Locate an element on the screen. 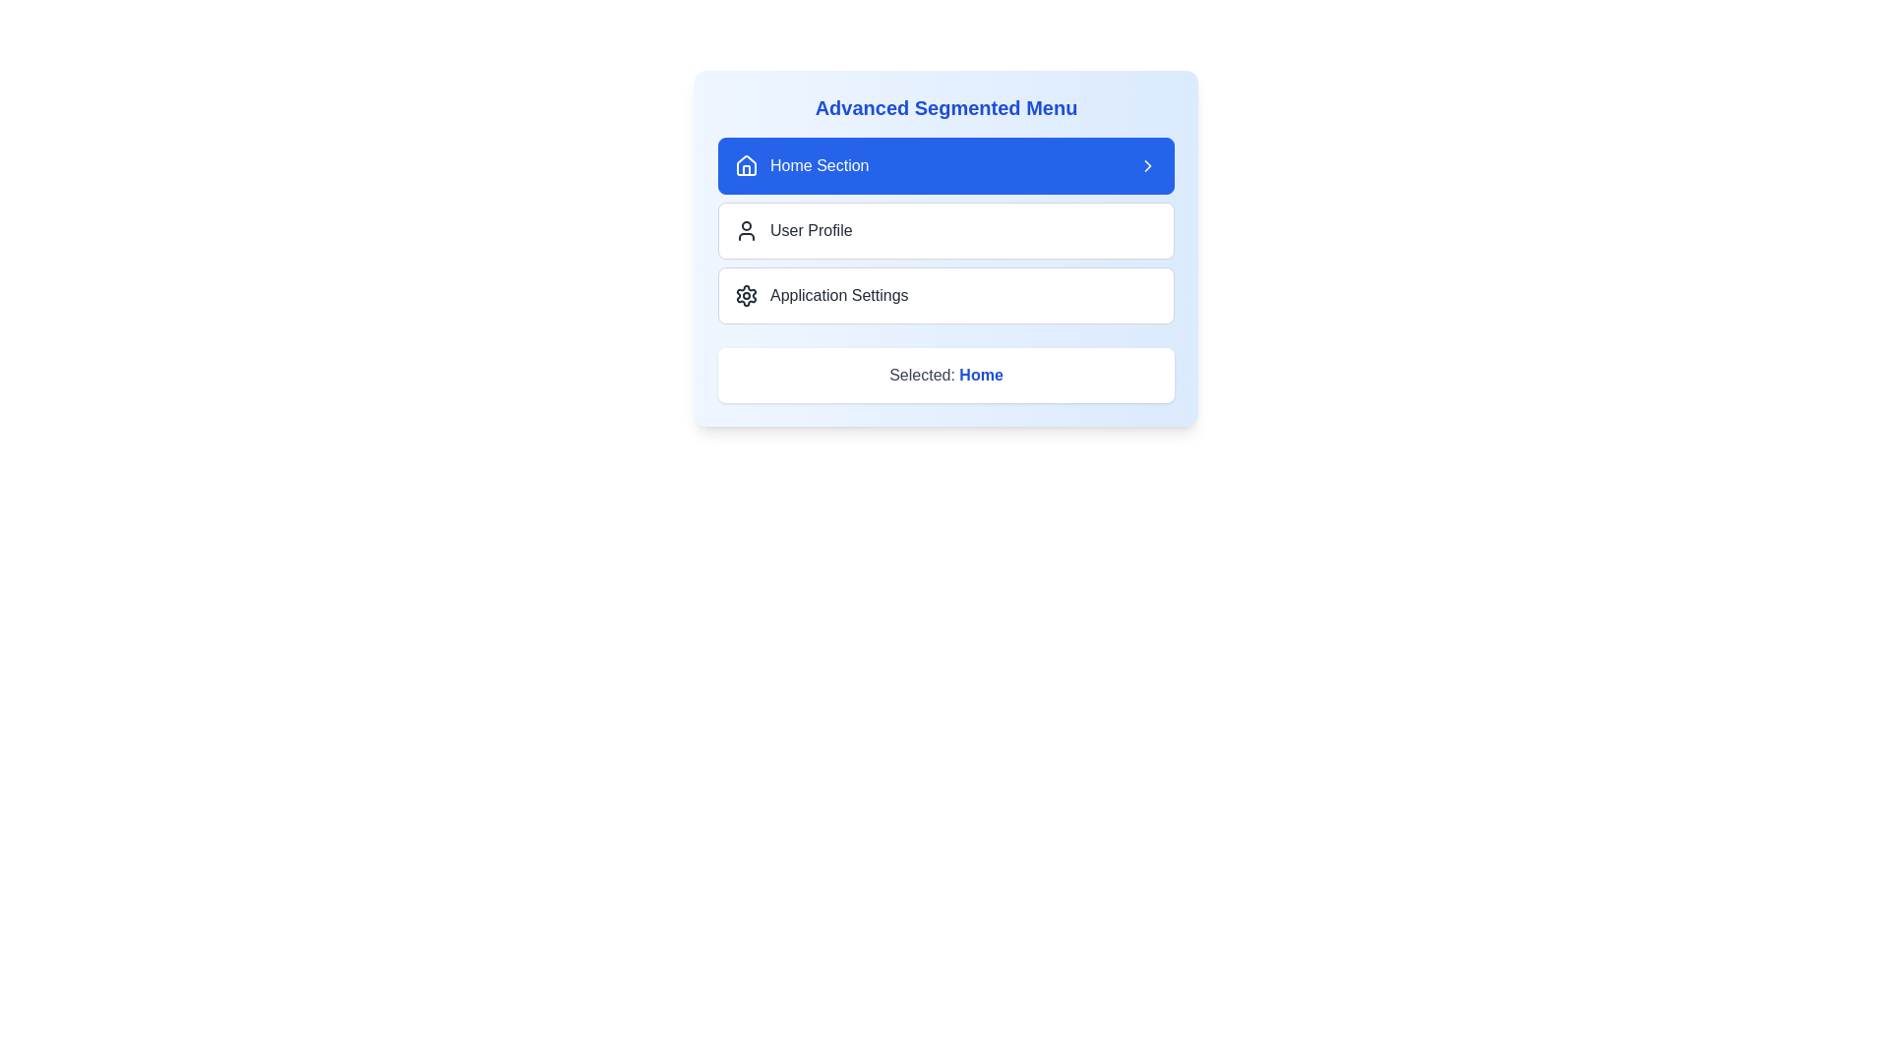 The image size is (1889, 1062). the 'Home' text label, which is styled in bold blue text and is part of the sentence 'Selected: Home' at the bottom of the menu interface is located at coordinates (981, 375).